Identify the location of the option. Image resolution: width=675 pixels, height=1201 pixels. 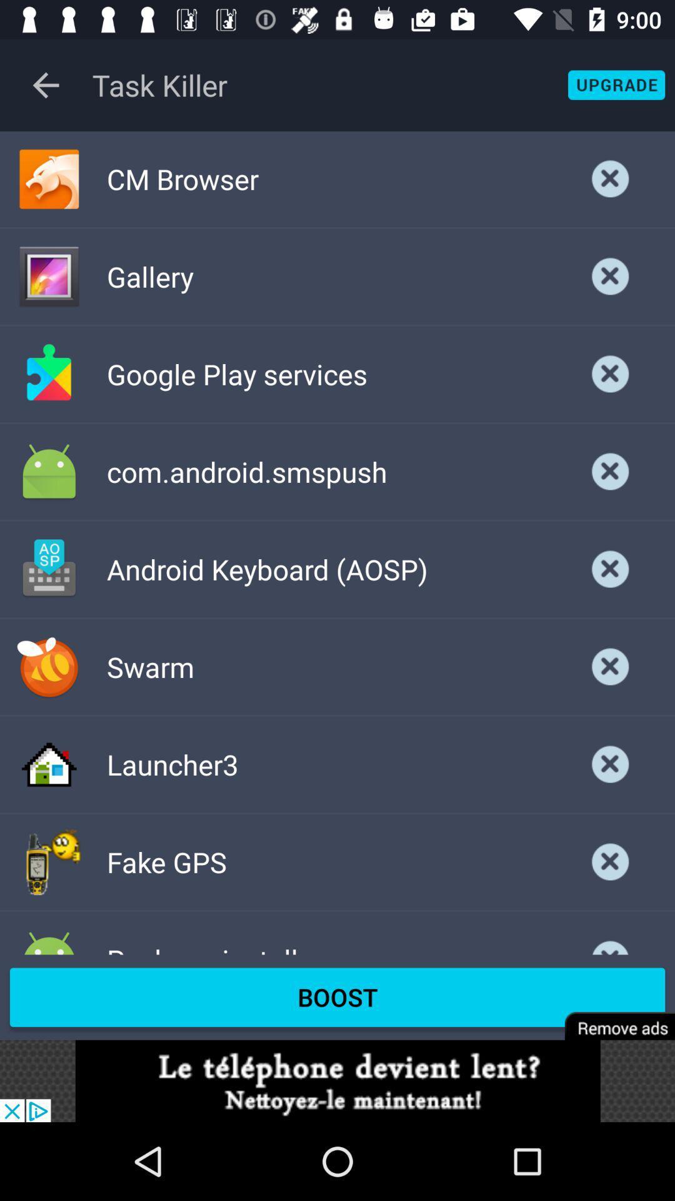
(610, 471).